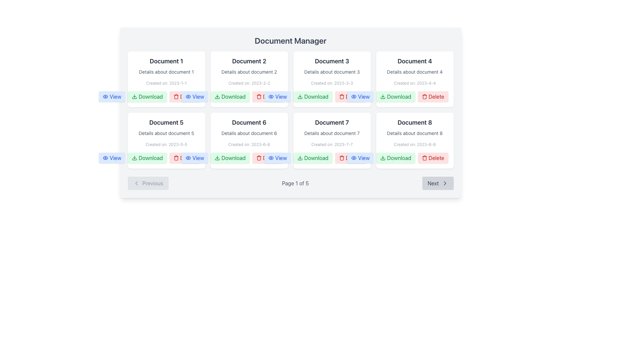  What do you see at coordinates (414, 133) in the screenshot?
I see `the static text label providing additional information about 'Document 8' located in the middle of the card, below the title and above the creation date` at bounding box center [414, 133].